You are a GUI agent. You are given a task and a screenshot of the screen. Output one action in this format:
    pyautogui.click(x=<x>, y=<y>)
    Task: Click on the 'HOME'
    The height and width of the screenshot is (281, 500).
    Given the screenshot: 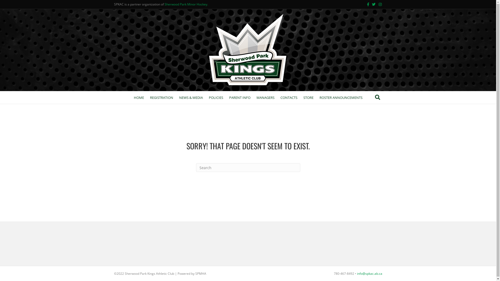 What is the action you would take?
    pyautogui.click(x=139, y=97)
    